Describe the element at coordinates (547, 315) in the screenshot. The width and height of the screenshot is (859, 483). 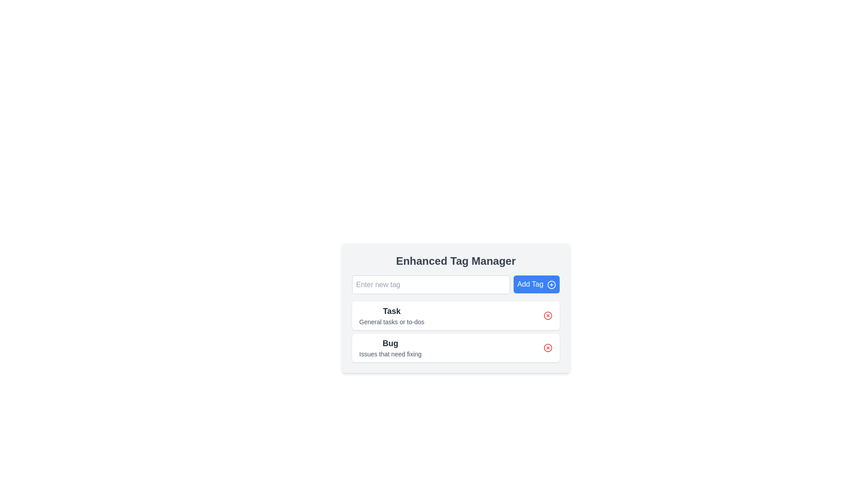
I see `the delete button located in the upper-right corner of the 'Task' panel` at that location.